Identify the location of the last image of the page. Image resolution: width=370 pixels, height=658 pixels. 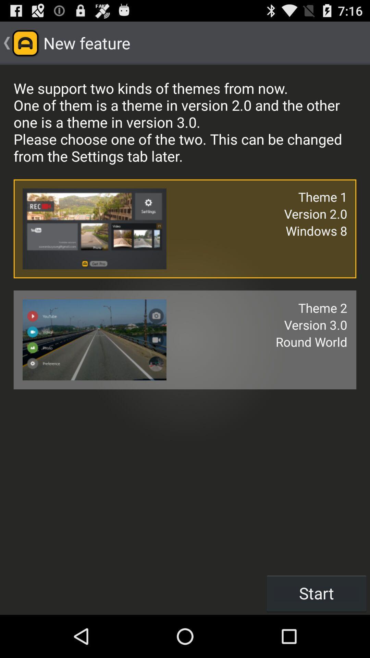
(95, 340).